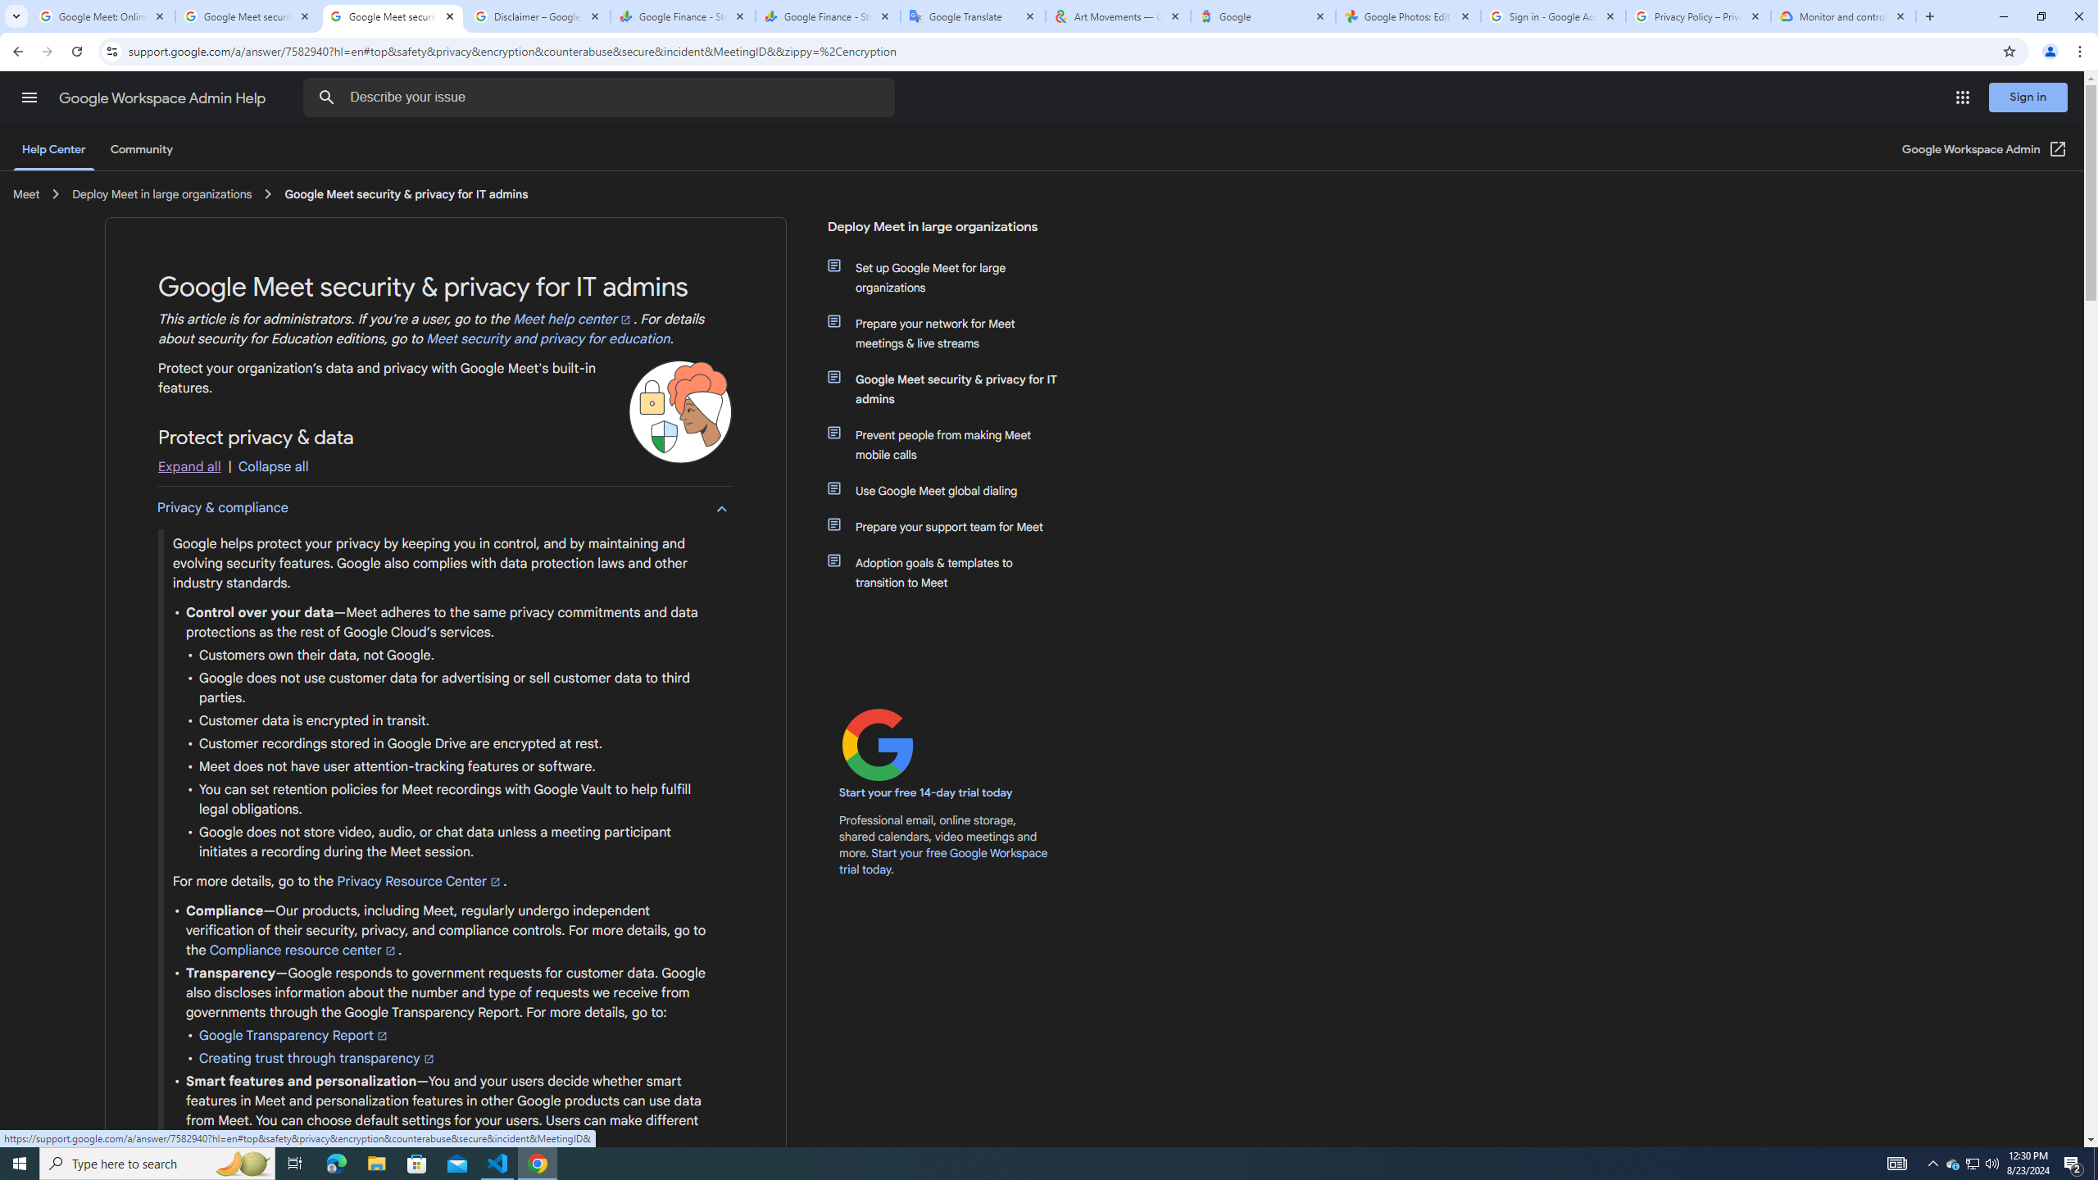 The width and height of the screenshot is (2098, 1180). Describe the element at coordinates (952, 388) in the screenshot. I see `'Google Meet security & privacy for IT admins'` at that location.